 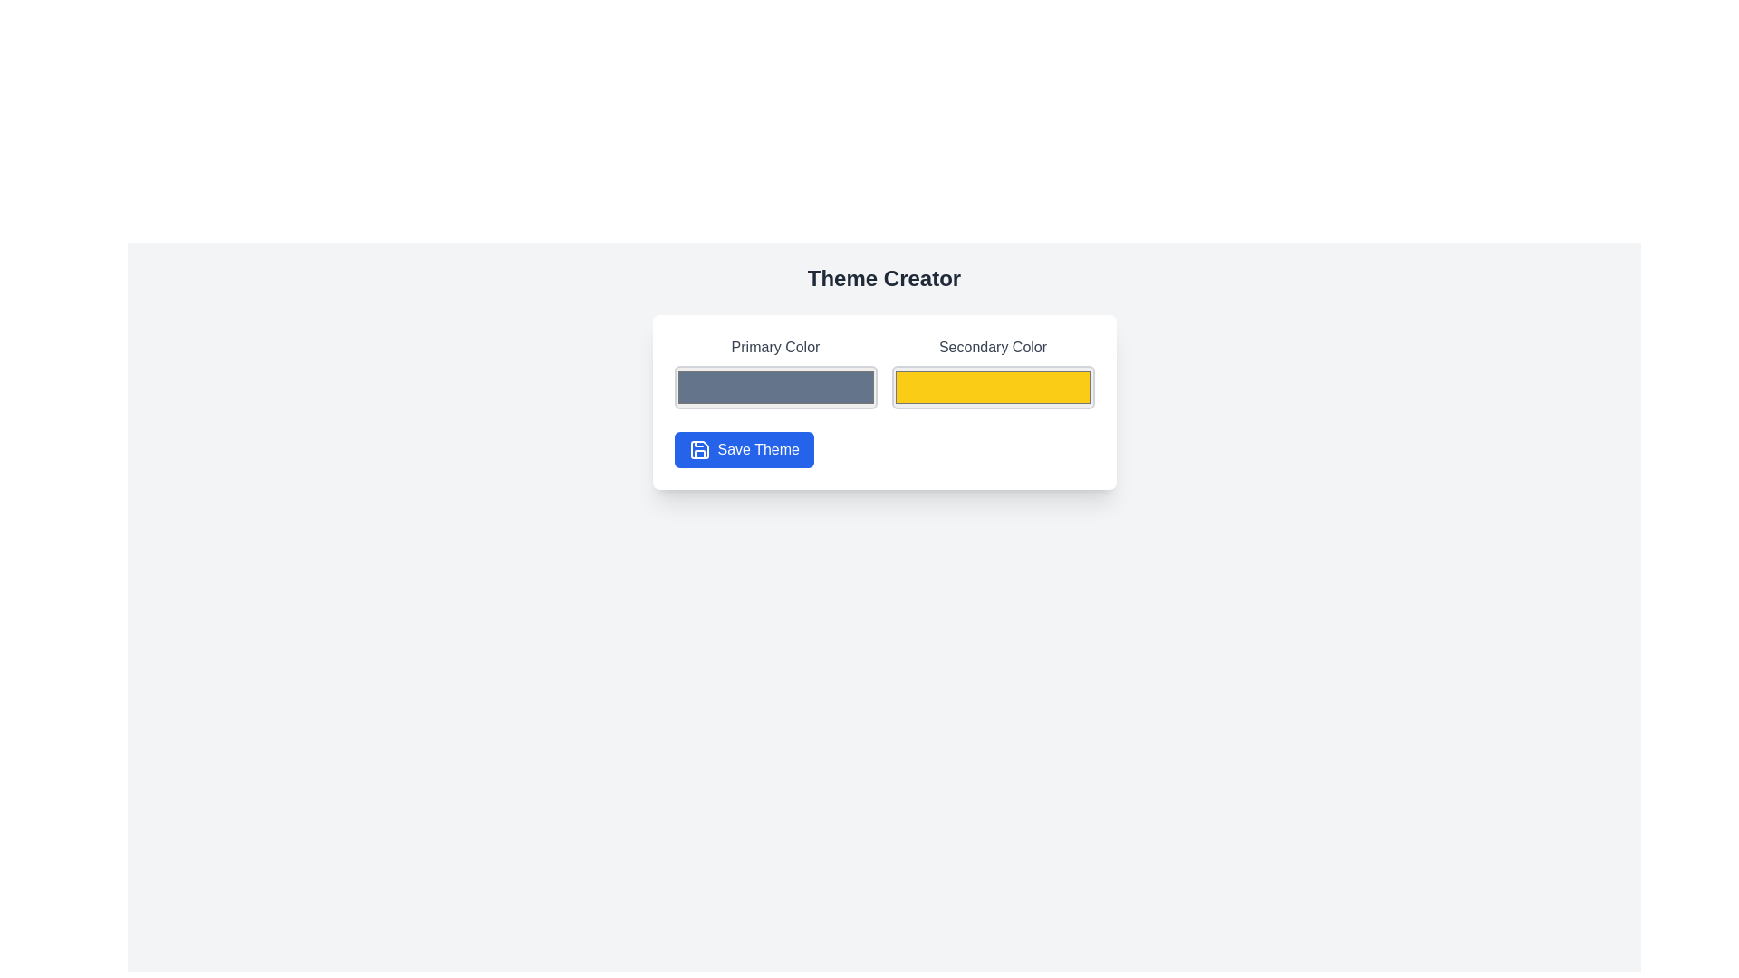 What do you see at coordinates (698, 449) in the screenshot?
I see `the 'Save Theme' button, which is visually represented by the save icon located at the bottom-left corner of a card interface, to trigger the save action` at bounding box center [698, 449].